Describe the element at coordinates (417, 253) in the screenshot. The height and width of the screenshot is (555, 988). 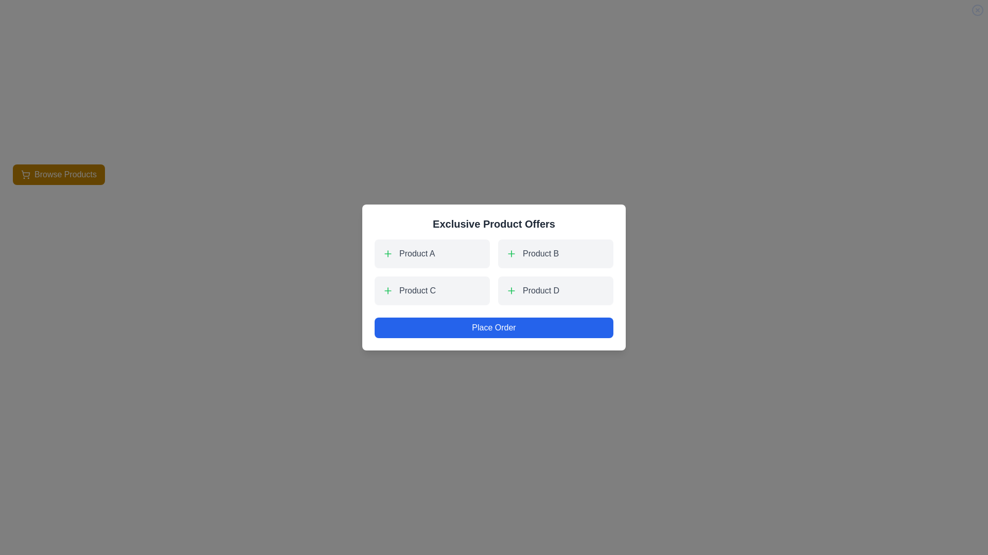
I see `the text label representing 'Product A' in the product grid layout, which is located in the top-left section of the popup interface` at that location.